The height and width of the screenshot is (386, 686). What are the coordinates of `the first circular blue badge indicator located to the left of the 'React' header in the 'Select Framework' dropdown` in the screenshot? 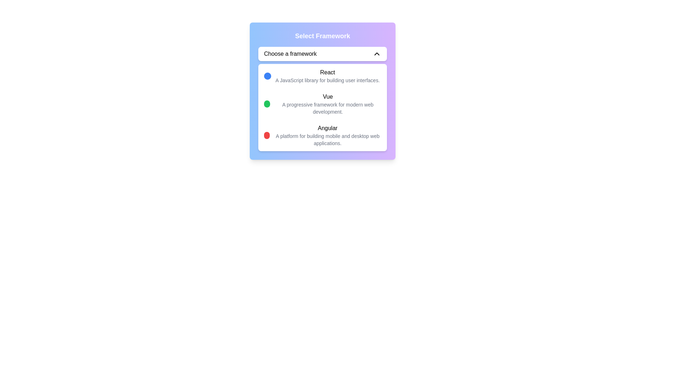 It's located at (267, 76).